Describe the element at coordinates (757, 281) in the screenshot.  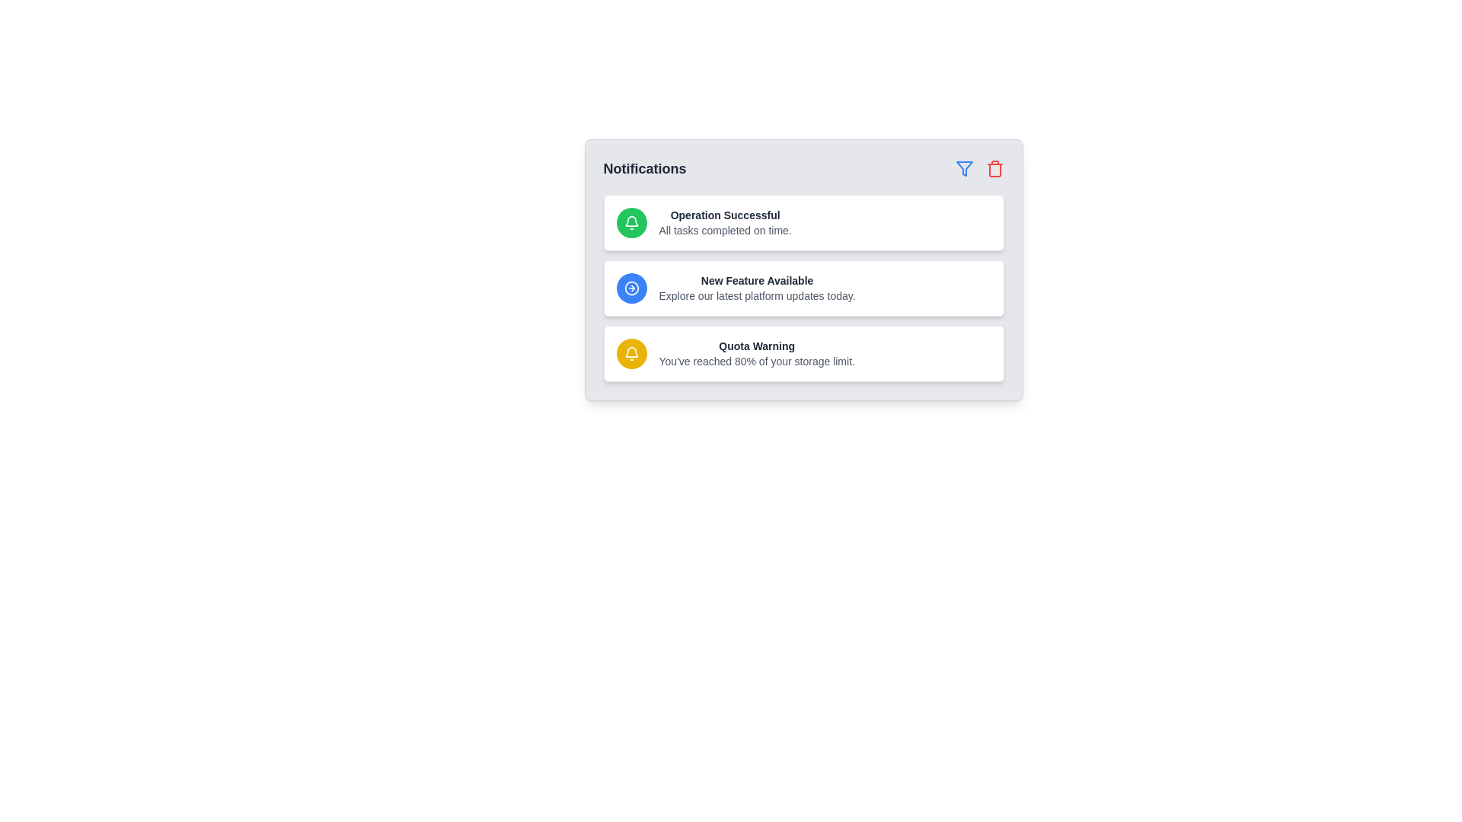
I see `the text label displaying 'New Feature Available' in the notifications panel, which is bold and gray in color` at that location.